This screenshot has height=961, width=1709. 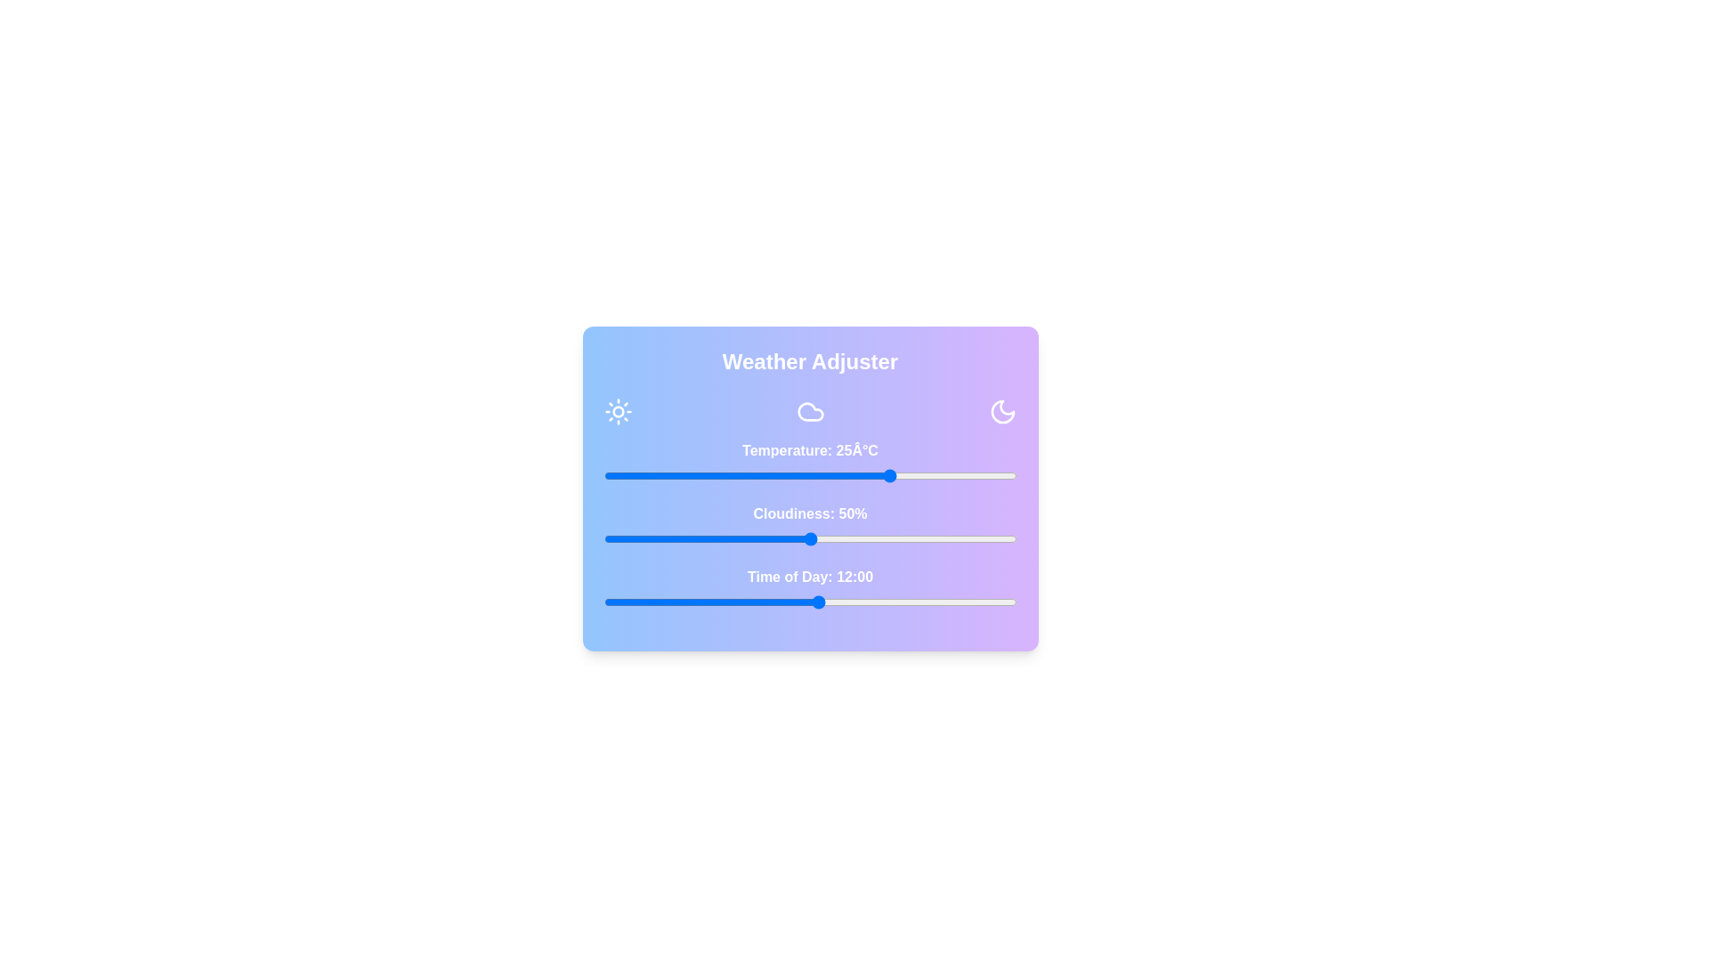 What do you see at coordinates (809, 475) in the screenshot?
I see `the thumb of the horizontal range slider, which is prominently blue and indicates the temperature value of 25°C` at bounding box center [809, 475].